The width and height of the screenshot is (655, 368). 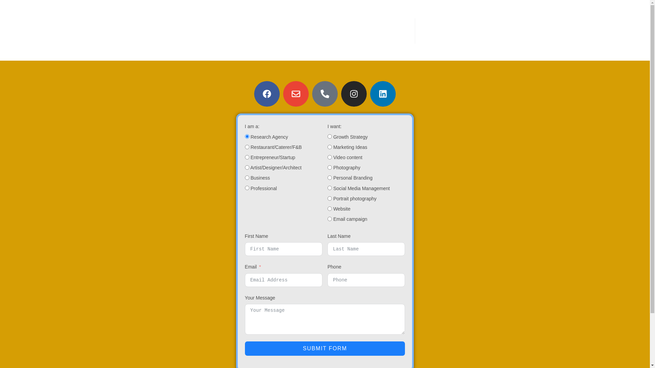 What do you see at coordinates (325, 348) in the screenshot?
I see `'SUBMIT FORM'` at bounding box center [325, 348].